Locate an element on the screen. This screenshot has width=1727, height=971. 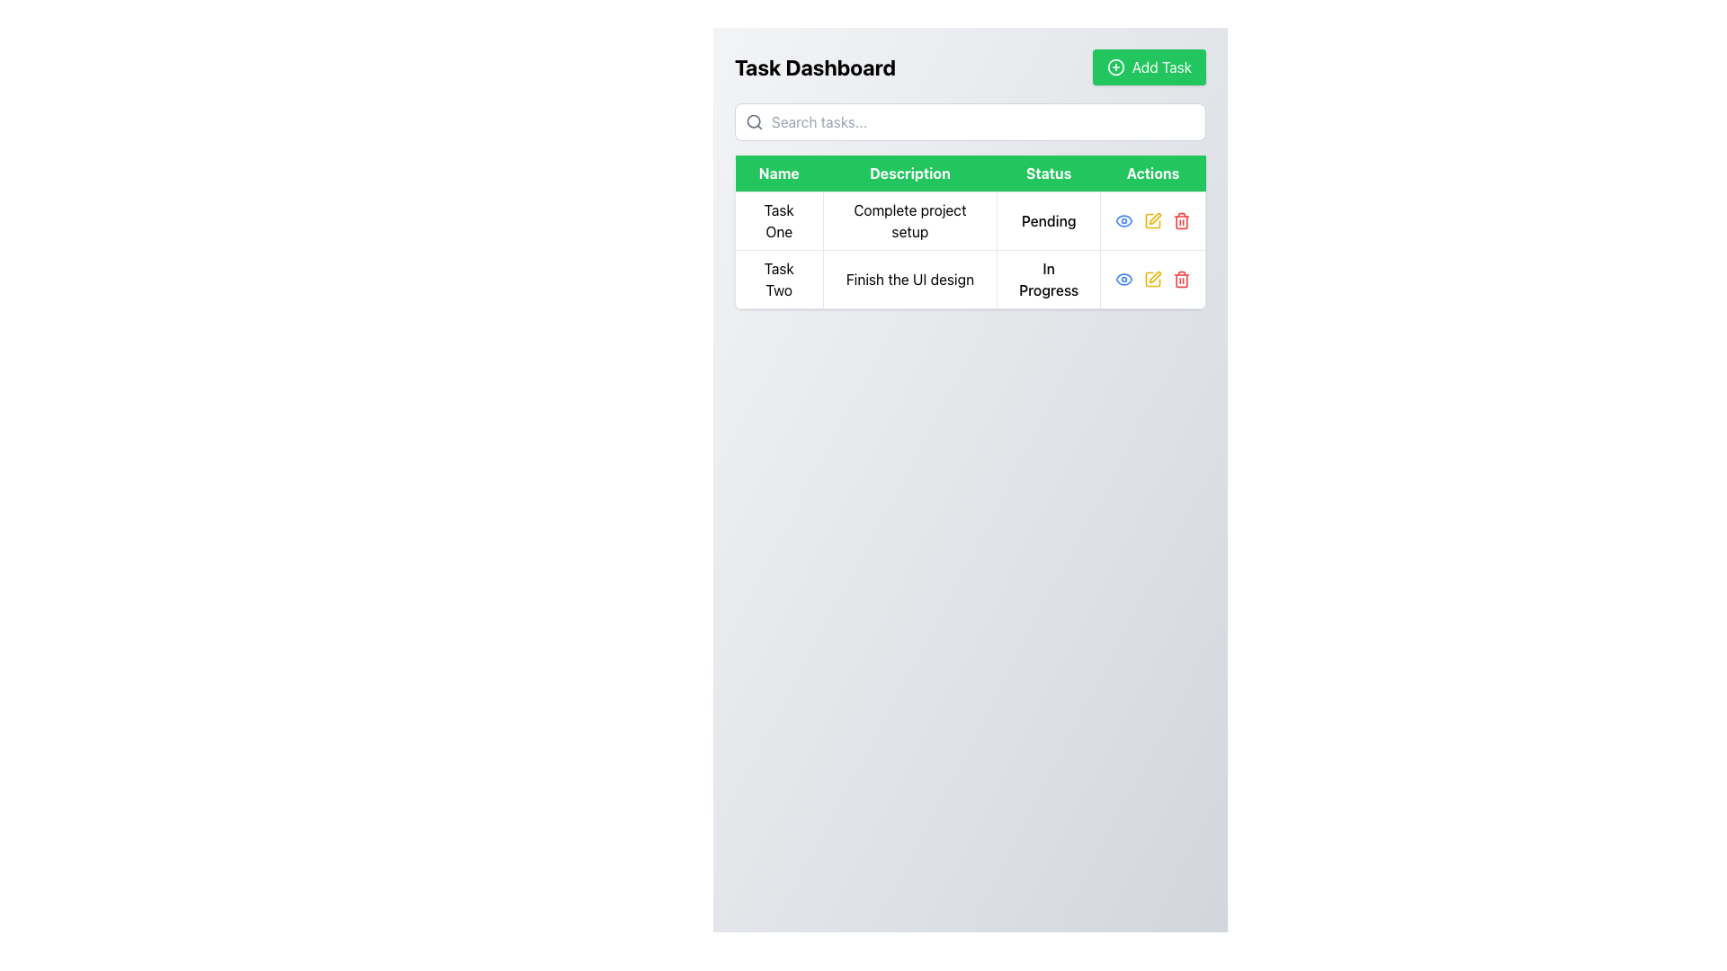
the small yellow square icon with a pen figure inside, located in the 'Actions' column of the table for the second task labeled 'Finish the UI design' is located at coordinates (1152, 220).